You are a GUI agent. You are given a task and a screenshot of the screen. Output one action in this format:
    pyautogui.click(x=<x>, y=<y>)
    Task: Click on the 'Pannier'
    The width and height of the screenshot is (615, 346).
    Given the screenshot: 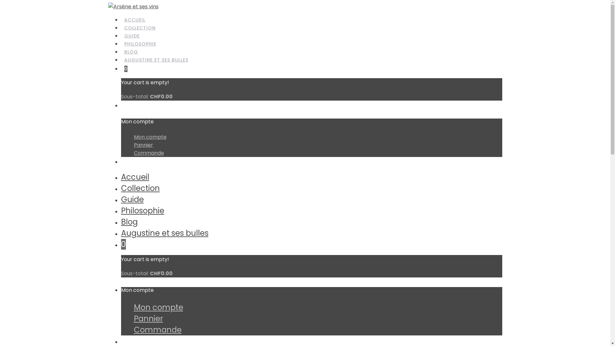 What is the action you would take?
    pyautogui.click(x=148, y=318)
    